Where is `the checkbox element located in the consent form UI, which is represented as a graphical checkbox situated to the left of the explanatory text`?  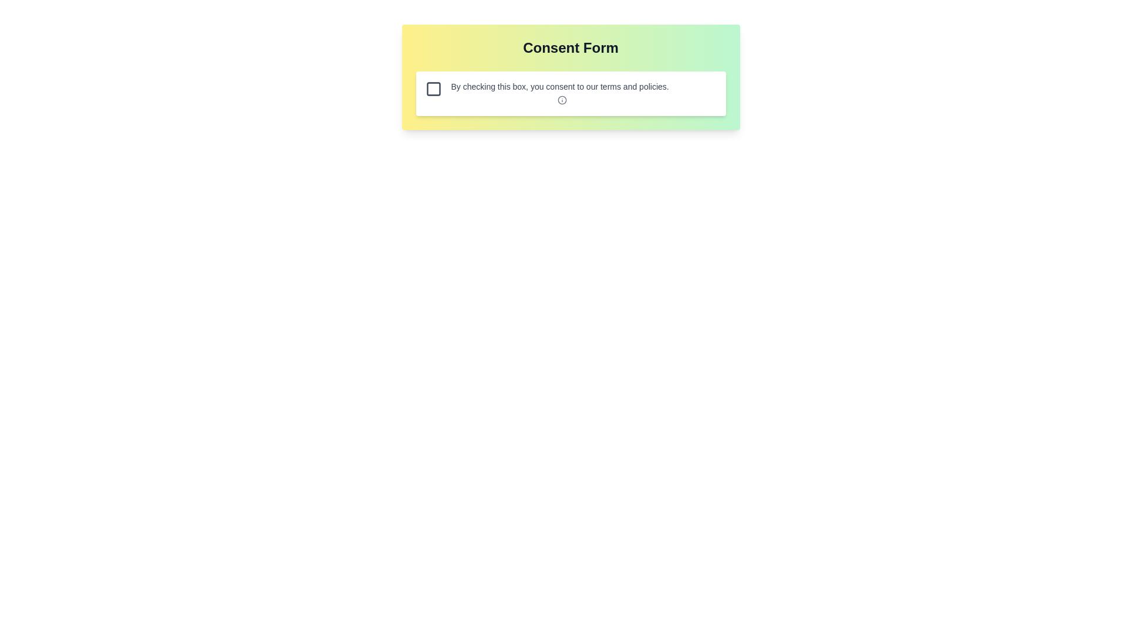
the checkbox element located in the consent form UI, which is represented as a graphical checkbox situated to the left of the explanatory text is located at coordinates (433, 88).